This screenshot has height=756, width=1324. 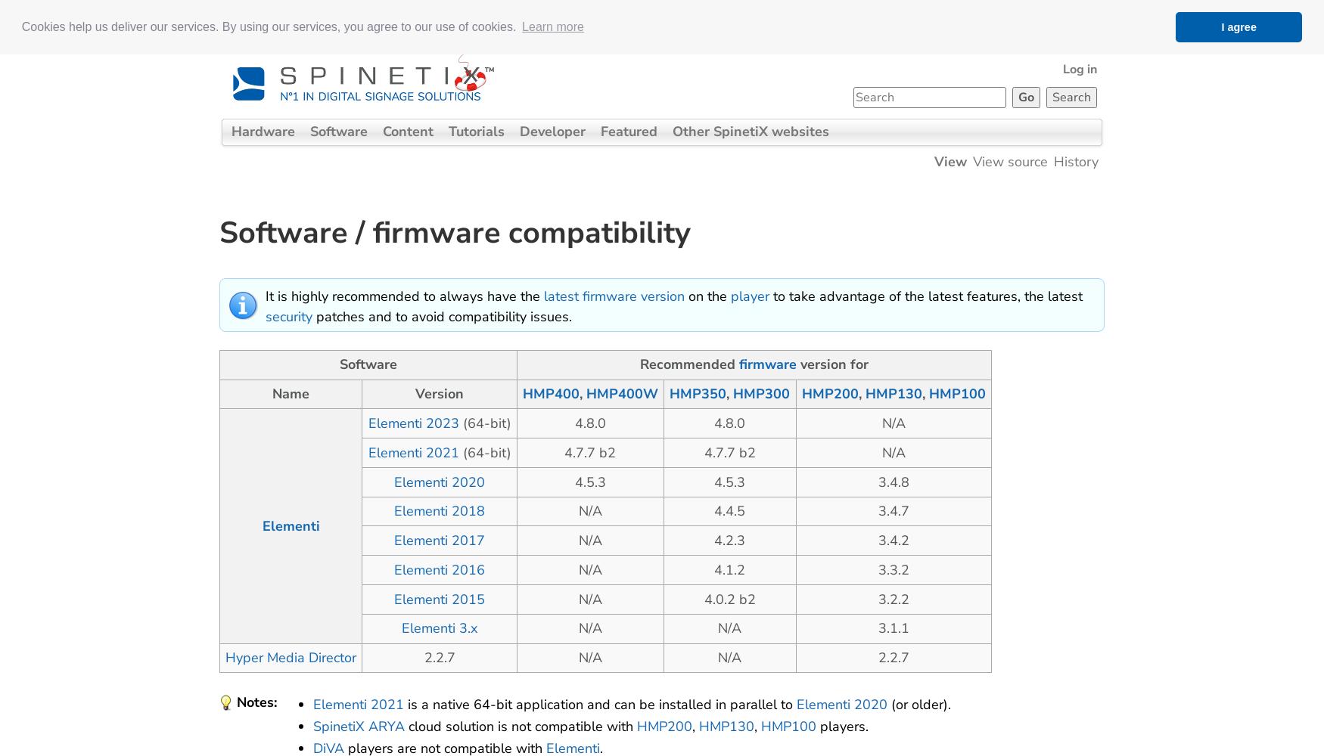 What do you see at coordinates (552, 26) in the screenshot?
I see `'Learn more'` at bounding box center [552, 26].